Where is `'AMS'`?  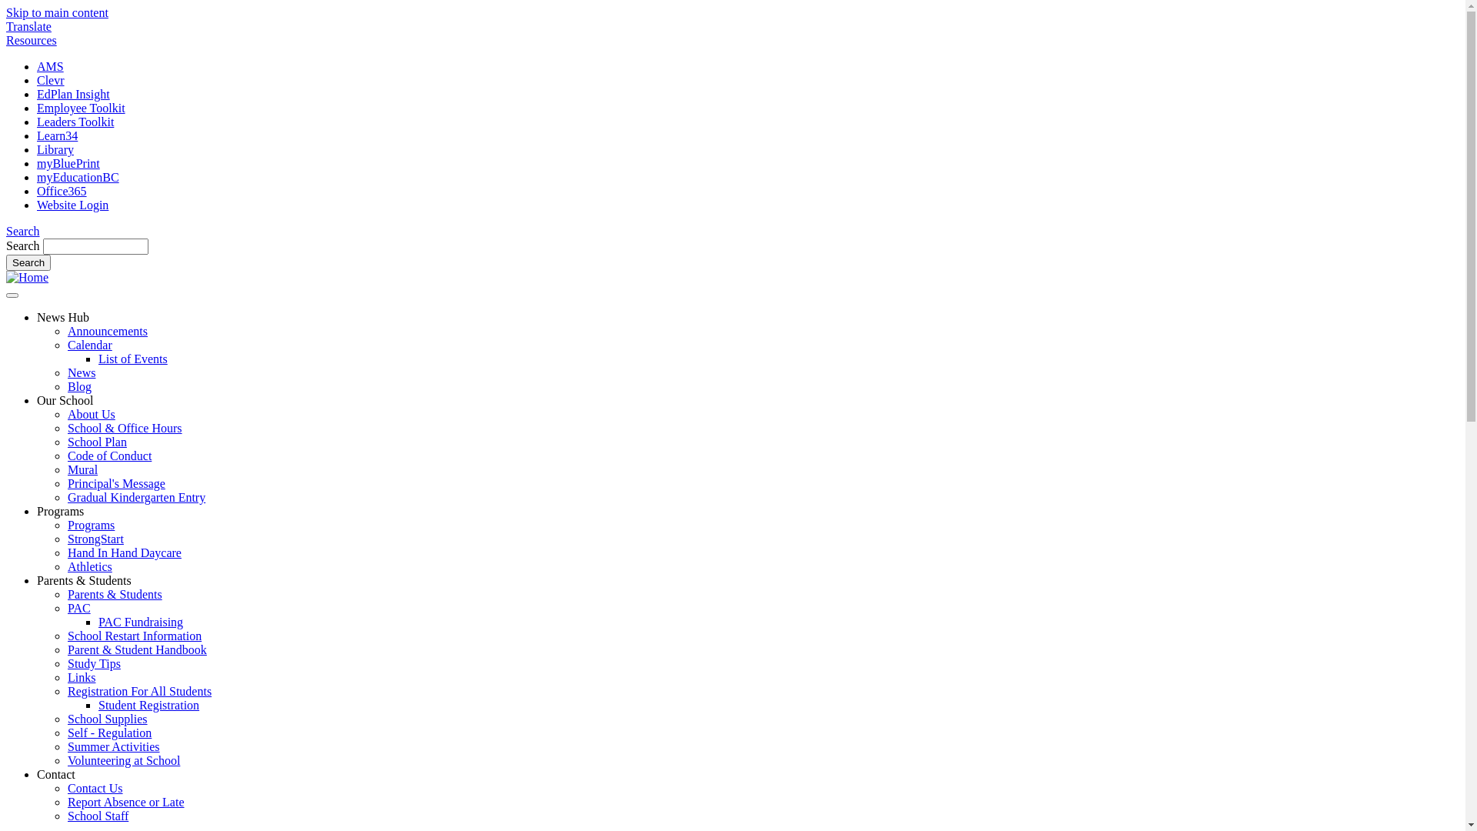
'AMS' is located at coordinates (37, 65).